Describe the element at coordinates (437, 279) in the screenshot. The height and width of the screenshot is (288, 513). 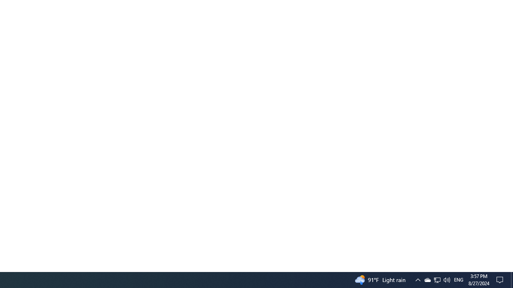
I see `'Tray Input Indicator - English (United States)'` at that location.